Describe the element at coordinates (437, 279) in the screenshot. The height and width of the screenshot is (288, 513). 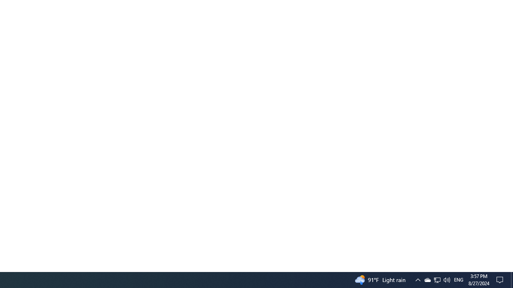
I see `'Tray Input Indicator - English (United States)'` at that location.